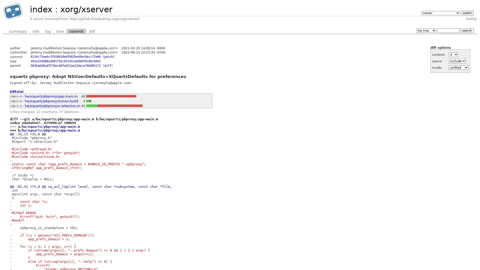 This screenshot has width=480, height=270. Describe the element at coordinates (466, 30) in the screenshot. I see `search` at that location.